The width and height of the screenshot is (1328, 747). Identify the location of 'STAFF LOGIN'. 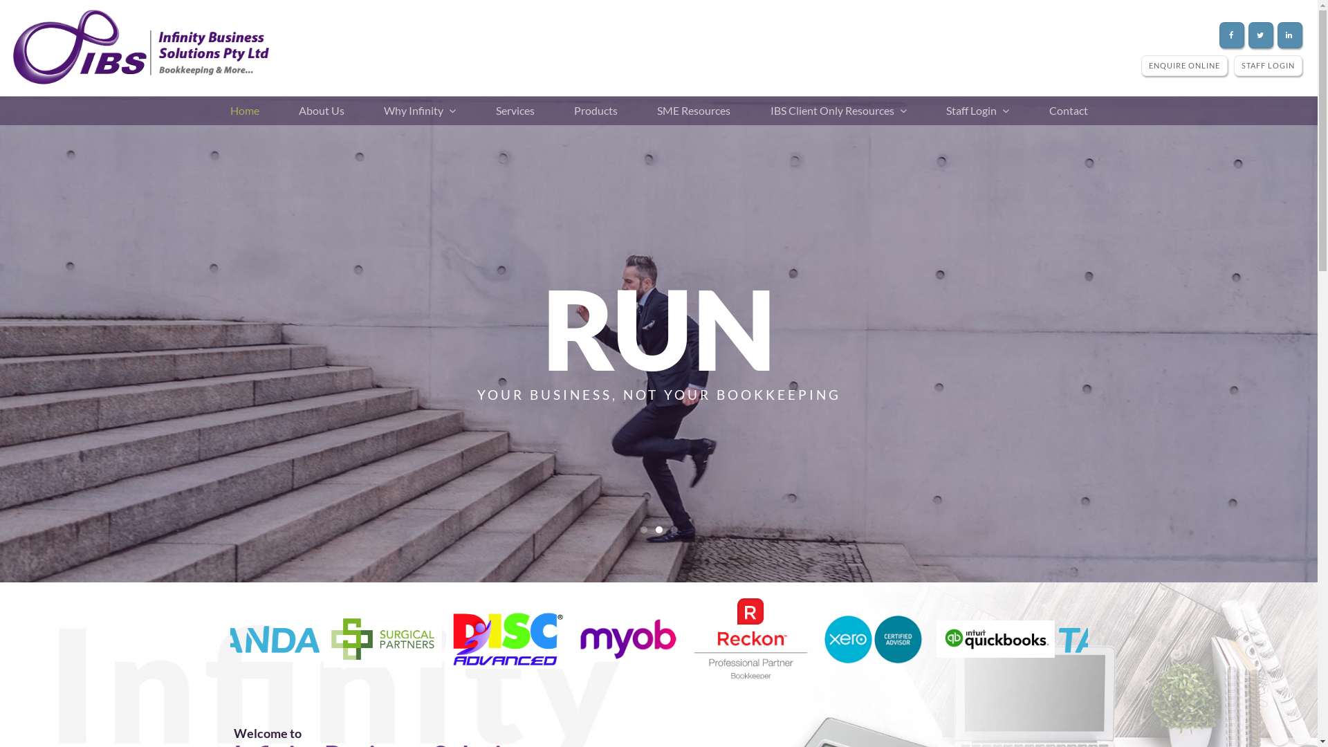
(1234, 65).